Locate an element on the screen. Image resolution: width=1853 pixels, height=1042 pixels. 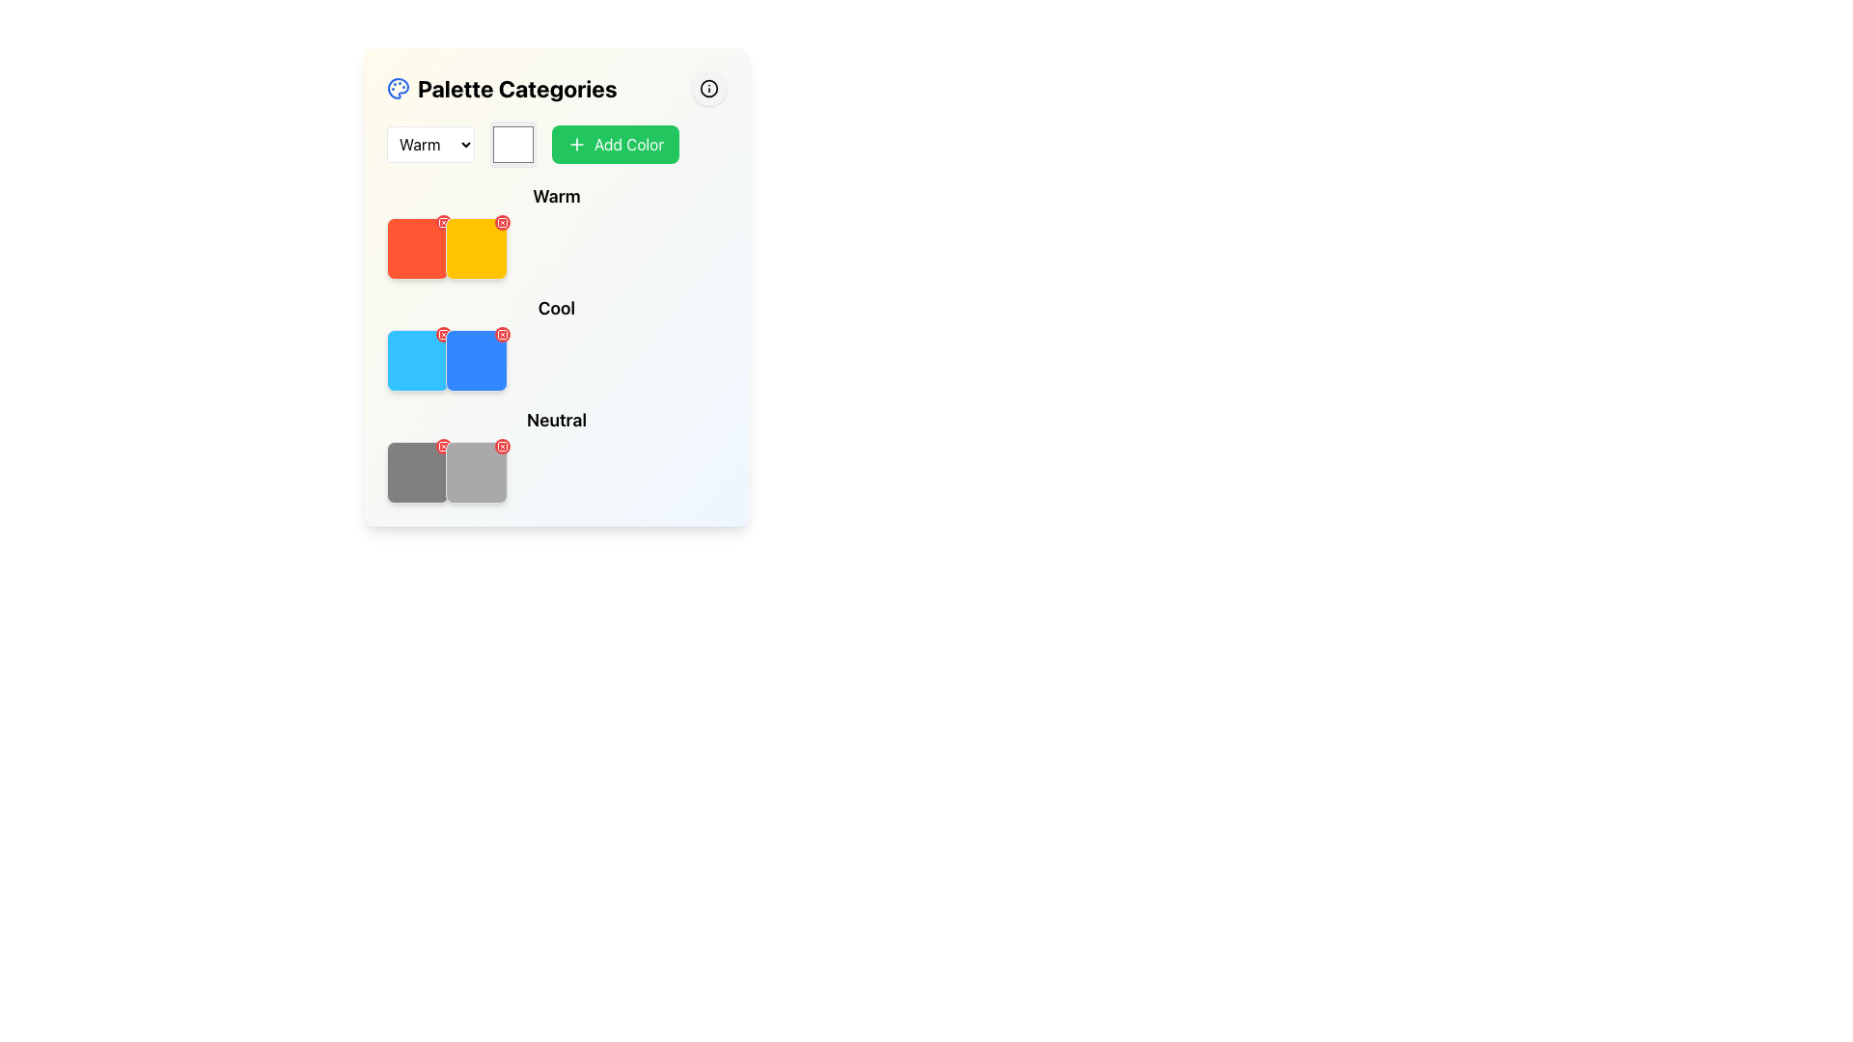
the first color swatch in the 'Cool' palette category is located at coordinates (416, 361).